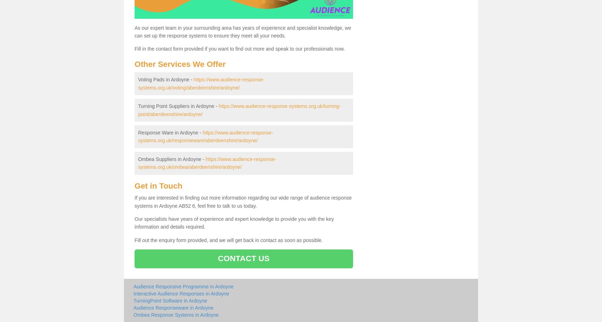 This screenshot has height=322, width=602. I want to click on 'Voting Pads in Ardoyne -', so click(166, 79).